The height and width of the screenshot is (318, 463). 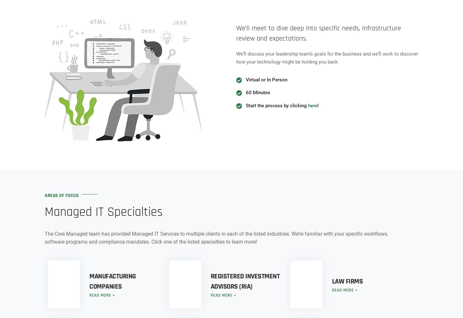 I want to click on 'We’ll meet to dive deep into specific needs, infrastructure review and expectations.', so click(x=319, y=33).